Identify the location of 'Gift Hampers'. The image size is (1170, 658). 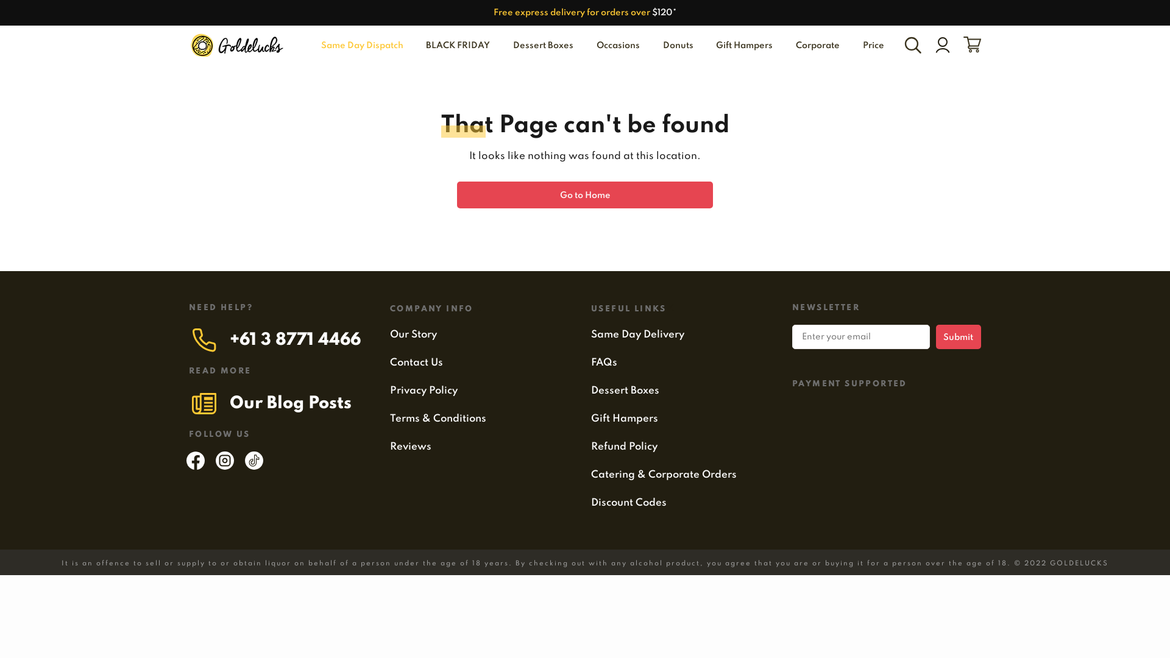
(590, 417).